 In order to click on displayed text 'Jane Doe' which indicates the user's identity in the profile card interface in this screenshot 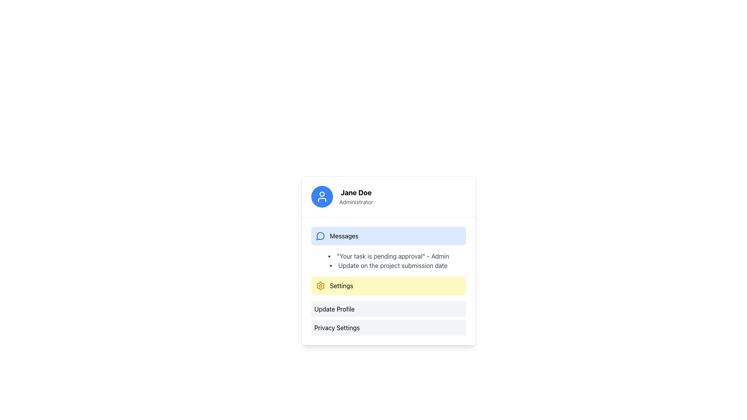, I will do `click(356, 192)`.